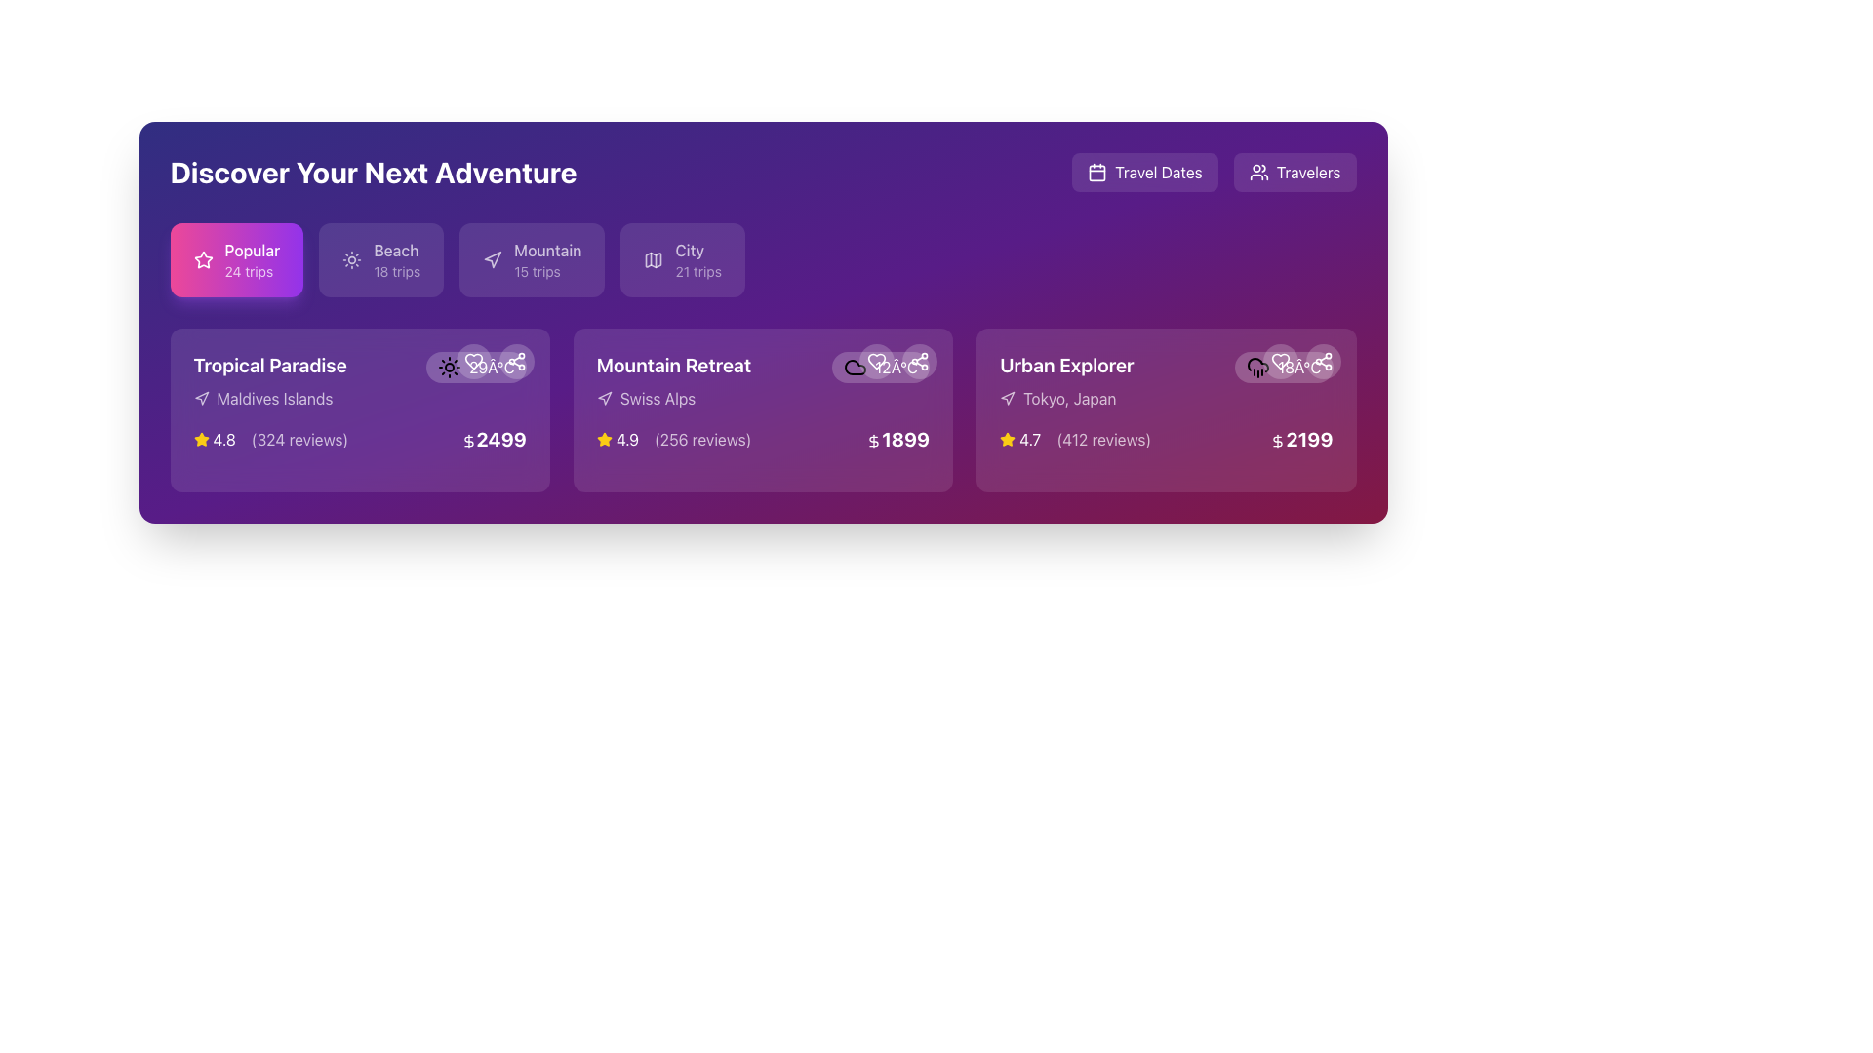 The height and width of the screenshot is (1053, 1873). What do you see at coordinates (674, 440) in the screenshot?
I see `the Text with icon component that displays the rating and reviews count for the 'Mountain Retreat' destination located in the middle card section under 'Discover Your Next Adventure'` at bounding box center [674, 440].